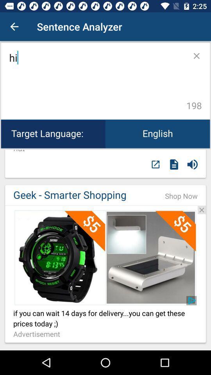 This screenshot has width=211, height=375. Describe the element at coordinates (157, 134) in the screenshot. I see `the icon below hi` at that location.